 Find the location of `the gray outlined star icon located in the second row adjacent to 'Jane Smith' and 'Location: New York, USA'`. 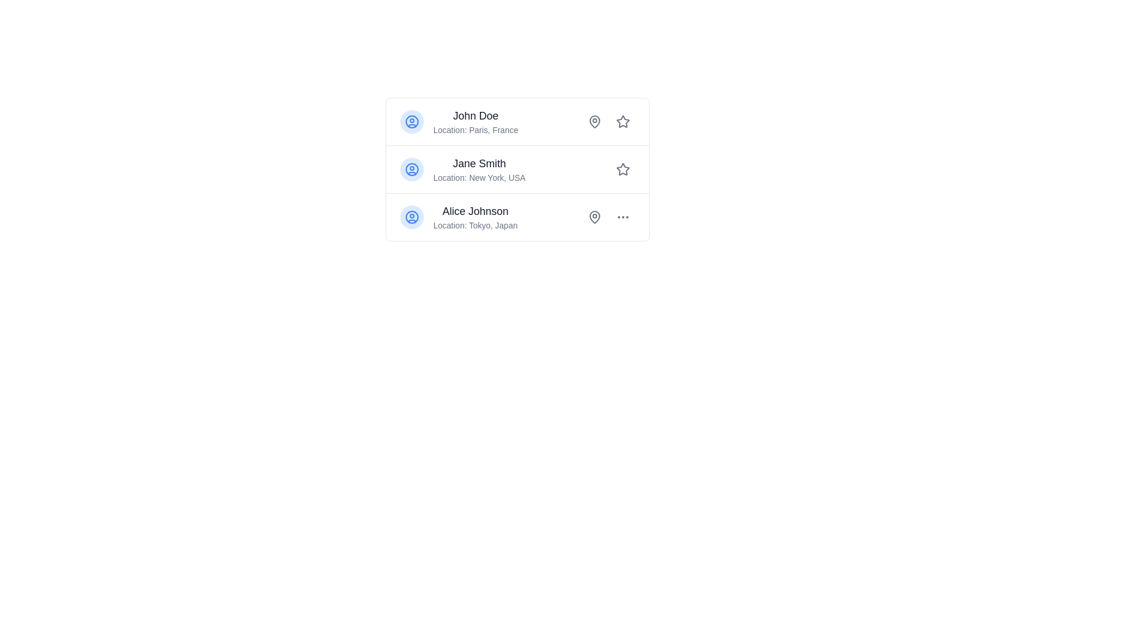

the gray outlined star icon located in the second row adjacent to 'Jane Smith' and 'Location: New York, USA' is located at coordinates (622, 169).